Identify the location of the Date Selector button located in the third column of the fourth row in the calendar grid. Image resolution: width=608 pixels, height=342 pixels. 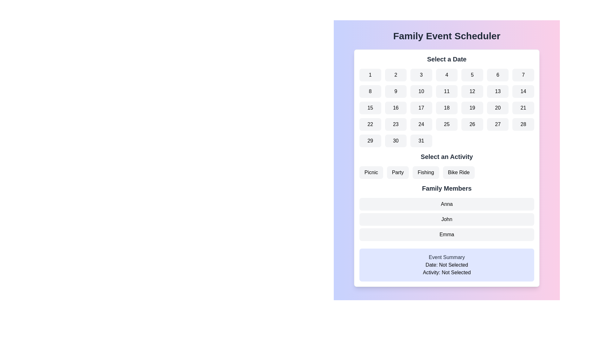
(421, 124).